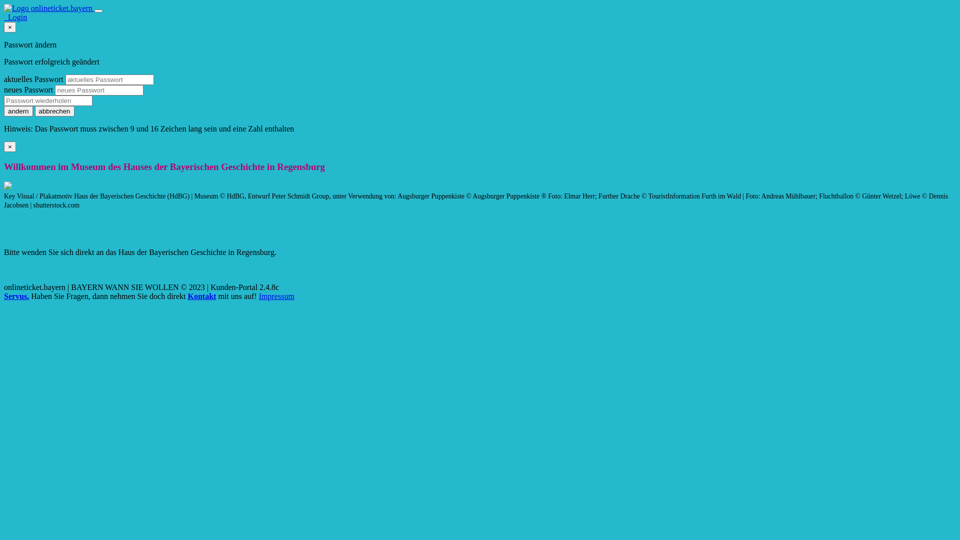 The height and width of the screenshot is (540, 960). Describe the element at coordinates (54, 111) in the screenshot. I see `'abbrechen'` at that location.